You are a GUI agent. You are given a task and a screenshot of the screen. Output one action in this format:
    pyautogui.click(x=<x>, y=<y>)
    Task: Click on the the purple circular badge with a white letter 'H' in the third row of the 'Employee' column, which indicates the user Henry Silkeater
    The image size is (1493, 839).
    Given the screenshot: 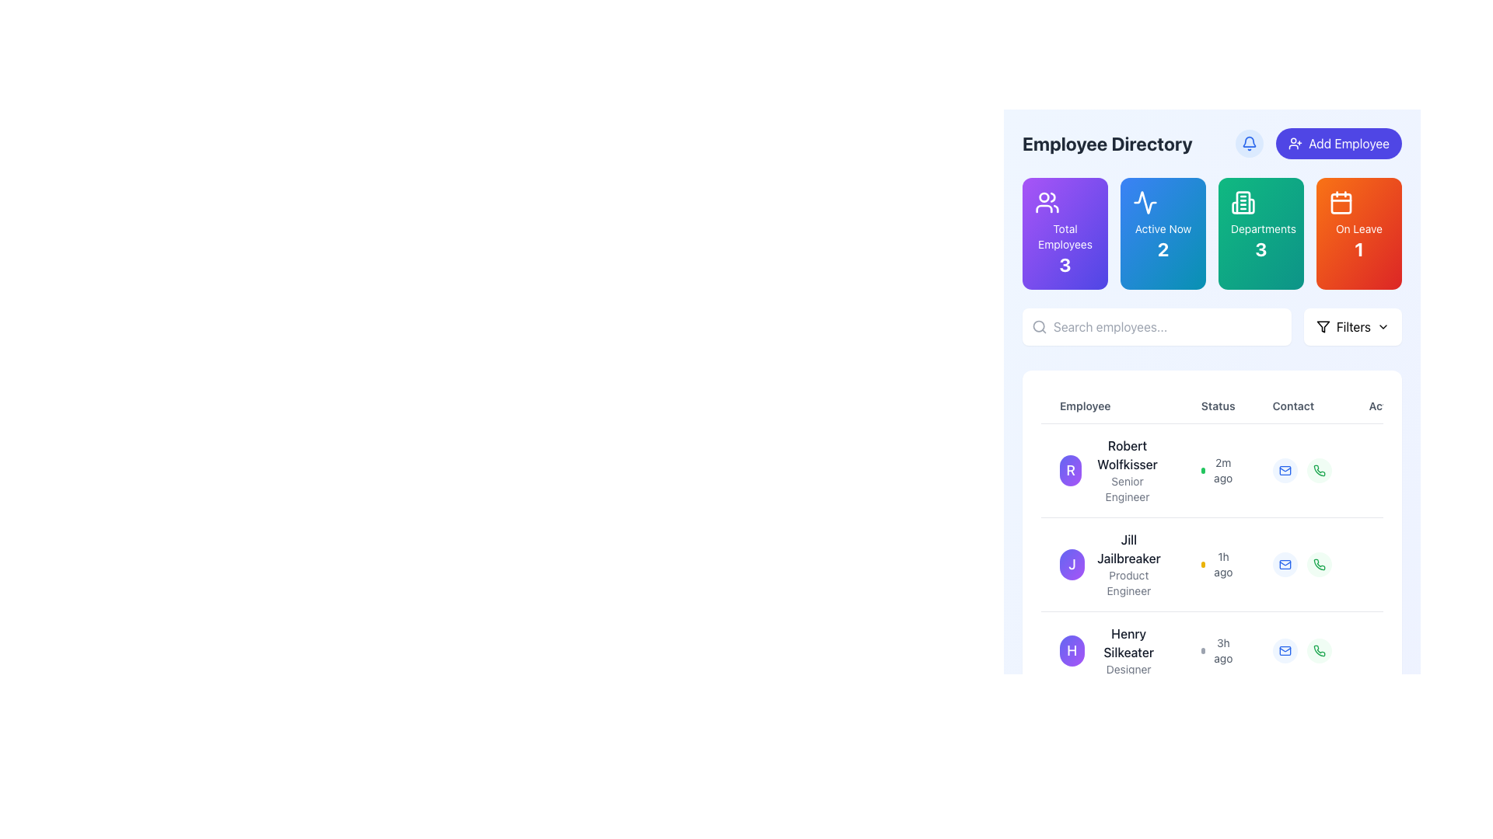 What is the action you would take?
    pyautogui.click(x=1071, y=650)
    